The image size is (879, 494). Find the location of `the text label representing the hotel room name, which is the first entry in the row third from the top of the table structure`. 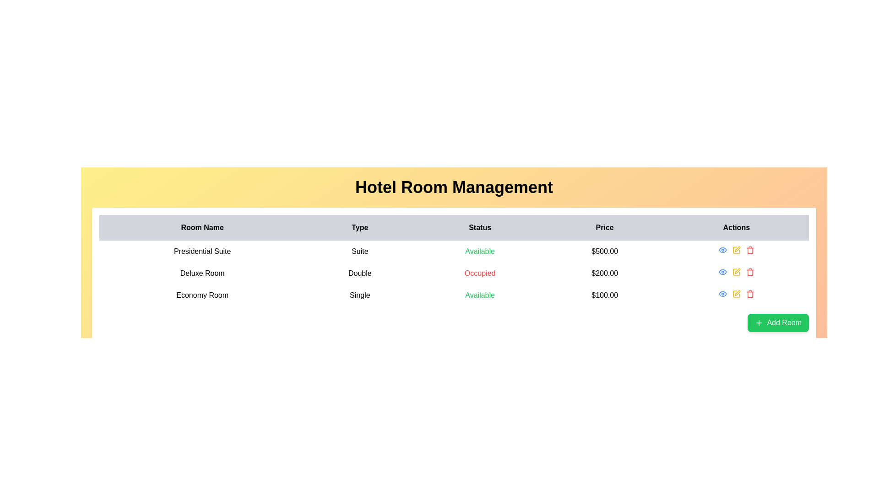

the text label representing the hotel room name, which is the first entry in the row third from the top of the table structure is located at coordinates (202, 295).